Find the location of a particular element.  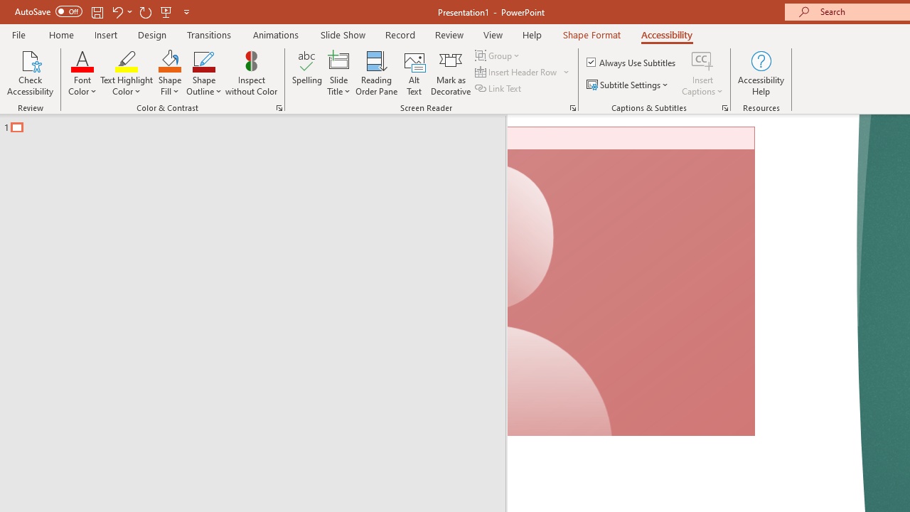

'Reading Order Pane' is located at coordinates (376, 73).